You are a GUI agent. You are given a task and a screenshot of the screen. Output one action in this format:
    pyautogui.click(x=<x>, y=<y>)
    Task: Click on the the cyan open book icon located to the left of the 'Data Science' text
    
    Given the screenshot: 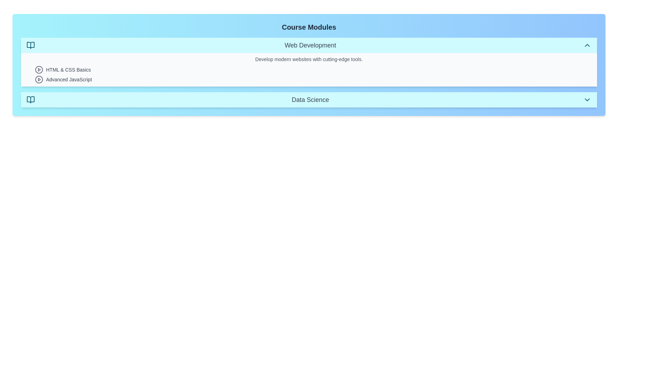 What is the action you would take?
    pyautogui.click(x=30, y=99)
    